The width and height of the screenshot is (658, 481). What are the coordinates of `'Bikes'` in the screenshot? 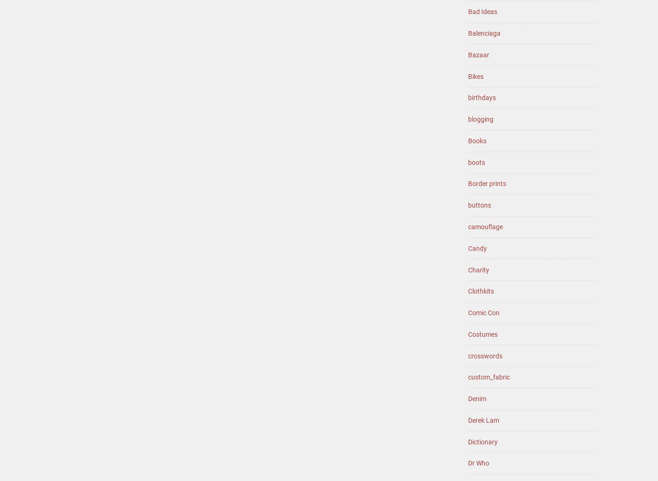 It's located at (476, 75).